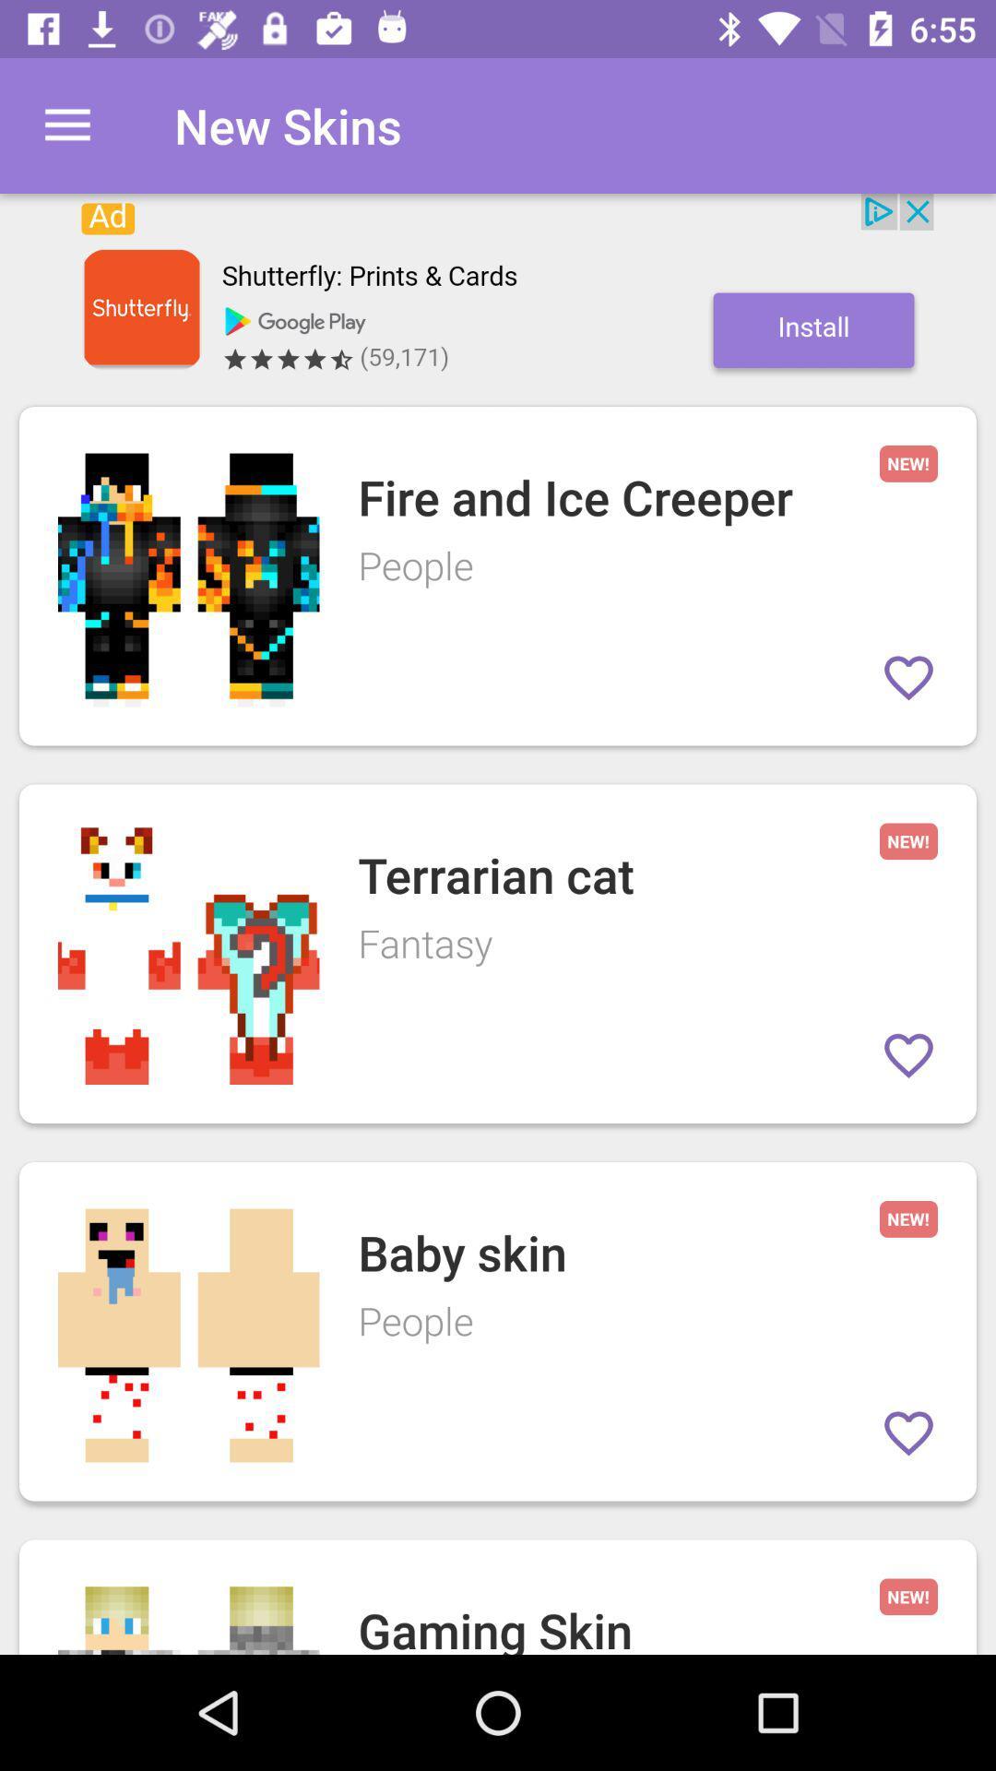 The image size is (996, 1771). Describe the element at coordinates (907, 676) in the screenshot. I see `to favorite` at that location.